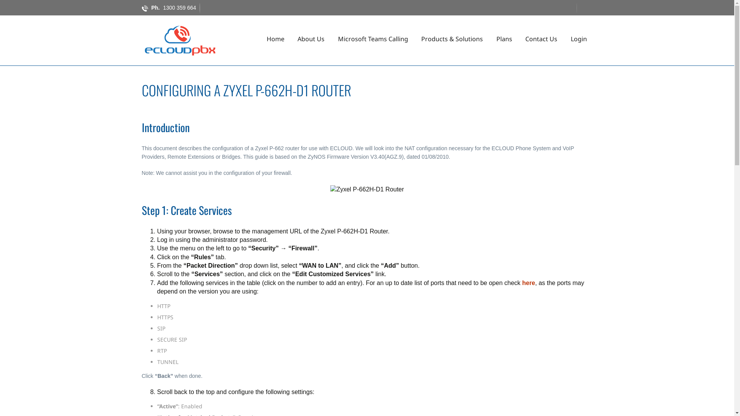 This screenshot has height=416, width=740. Describe the element at coordinates (180, 40) in the screenshot. I see `'ECloud PBX'` at that location.